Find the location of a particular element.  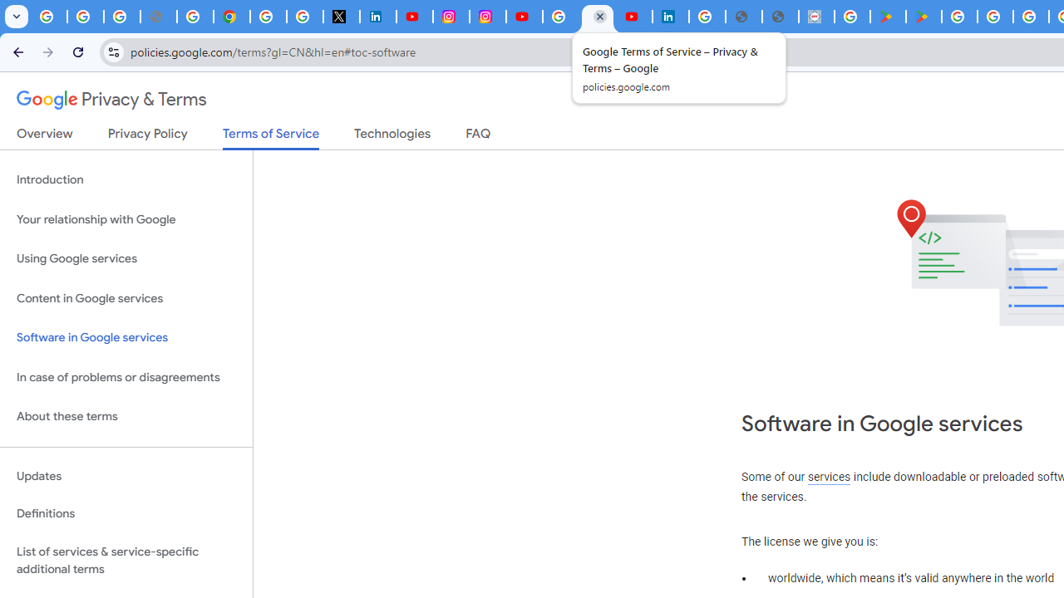

'Definitions' is located at coordinates (126, 513).